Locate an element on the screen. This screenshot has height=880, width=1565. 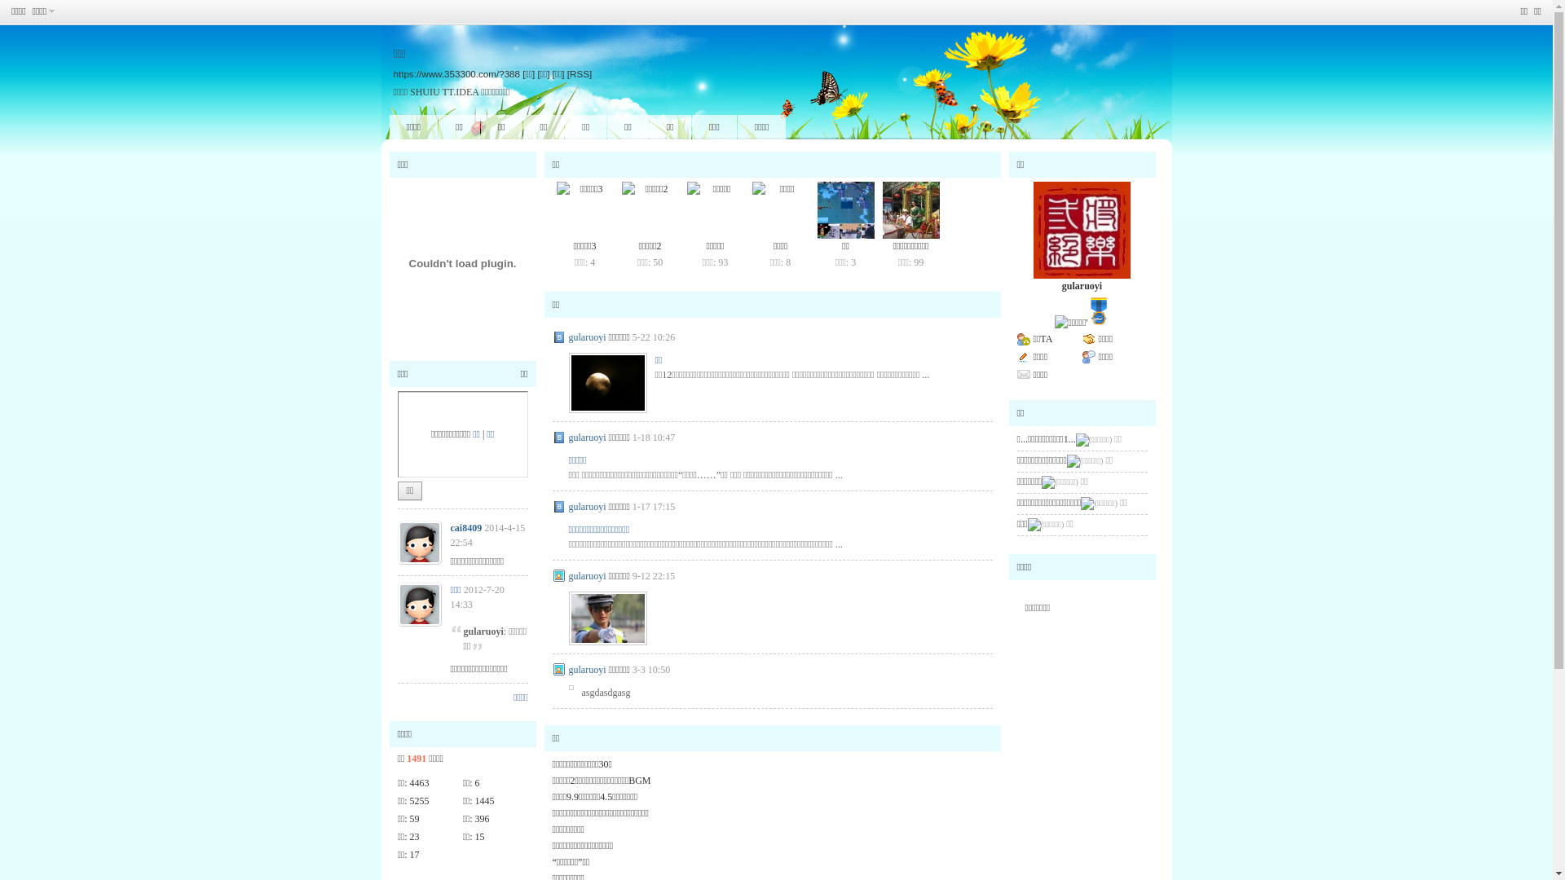
'6' is located at coordinates (474, 781).